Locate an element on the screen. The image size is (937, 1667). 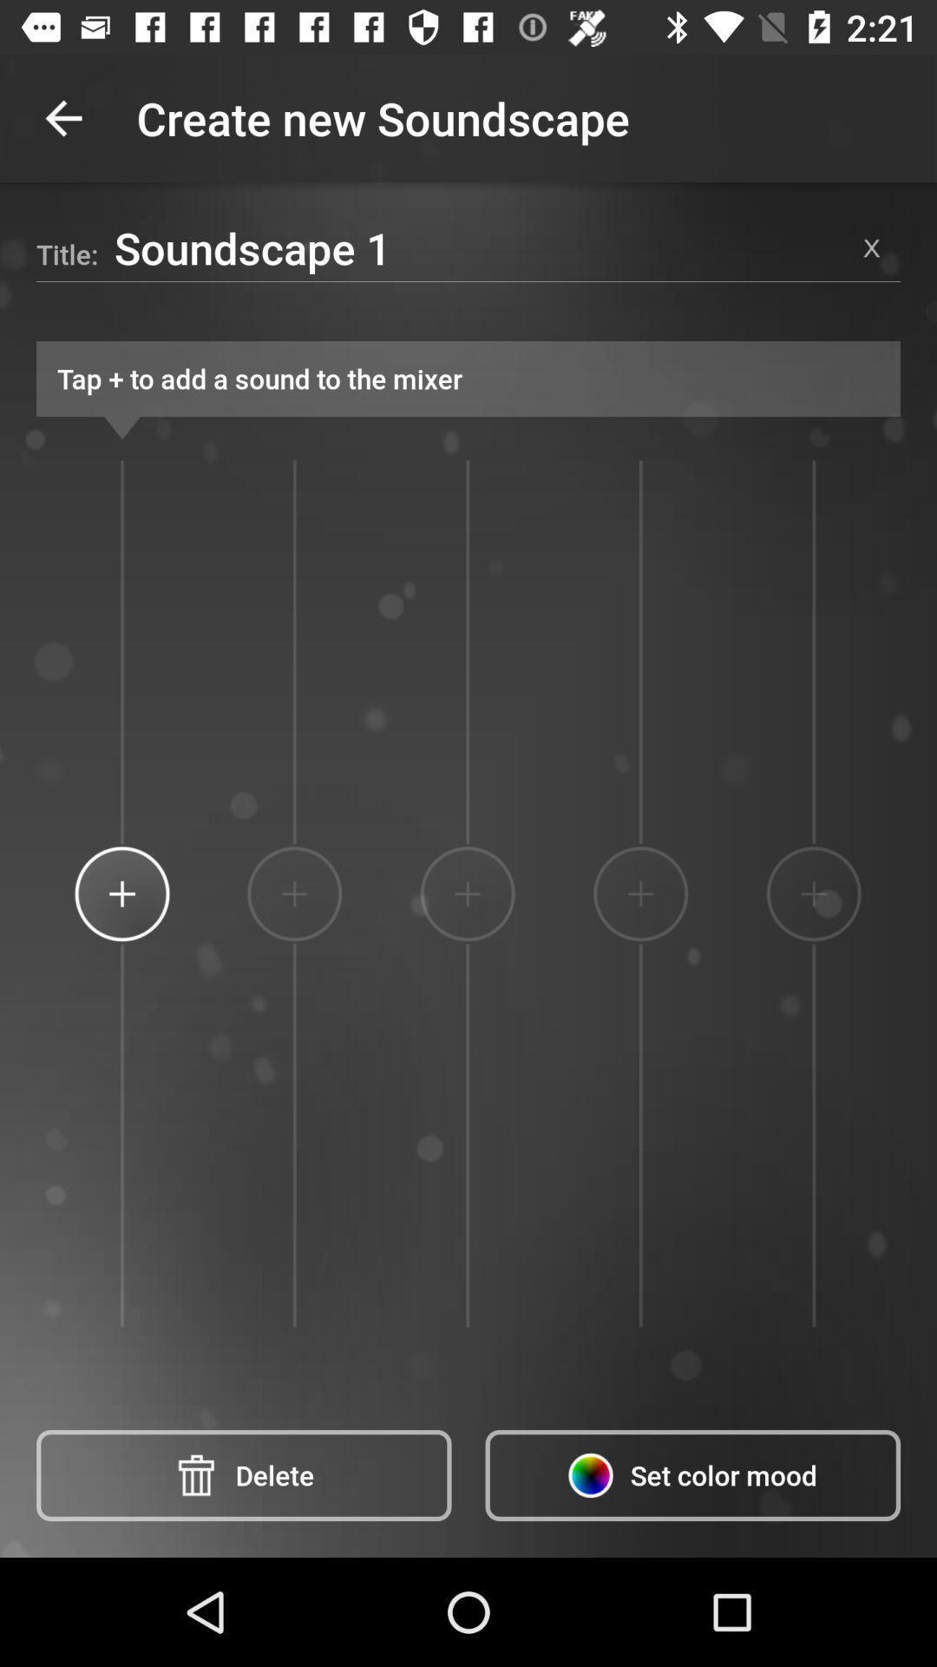
the item to the right of the title: item is located at coordinates (478, 247).